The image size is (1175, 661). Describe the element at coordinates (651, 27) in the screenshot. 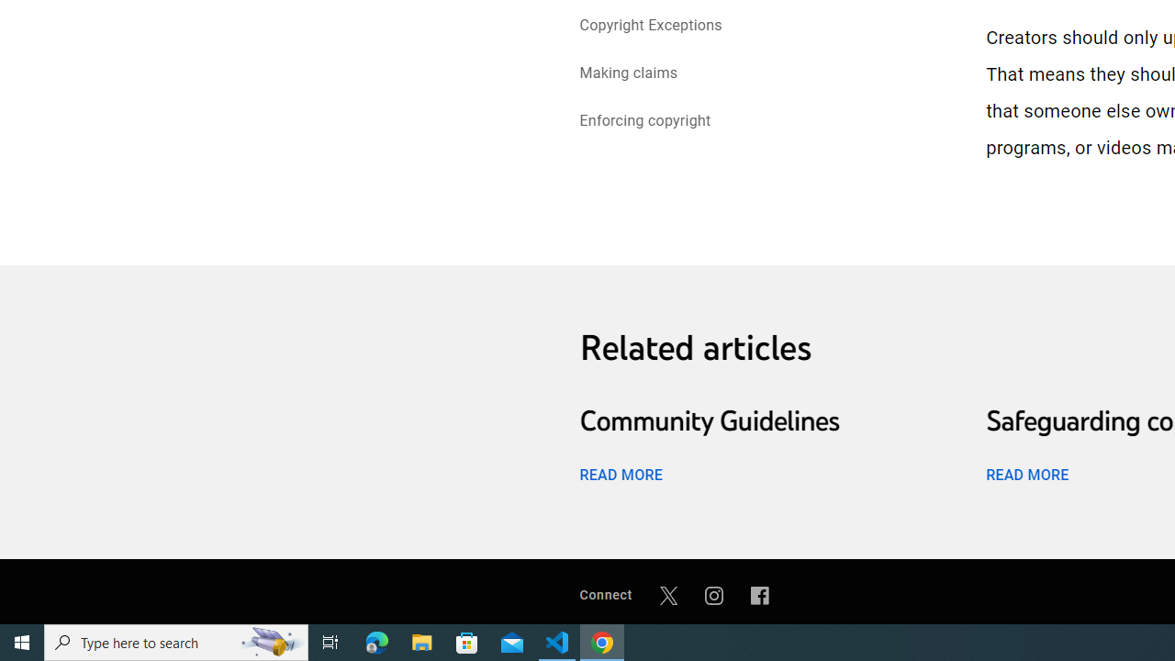

I see `'Copyright Exceptions'` at that location.